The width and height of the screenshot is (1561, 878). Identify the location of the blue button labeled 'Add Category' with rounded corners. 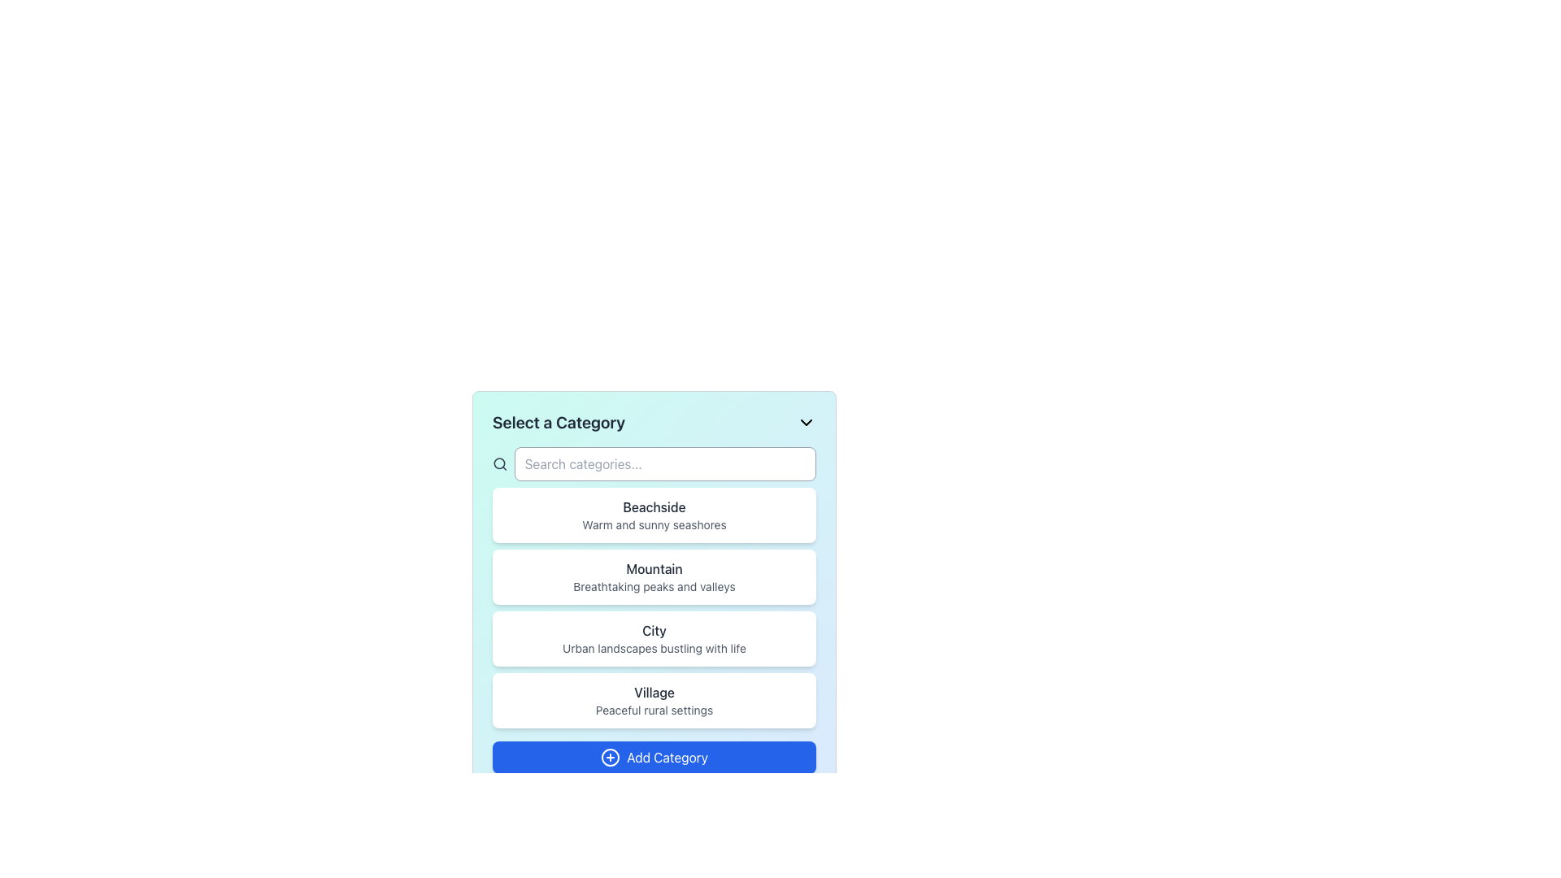
(654, 758).